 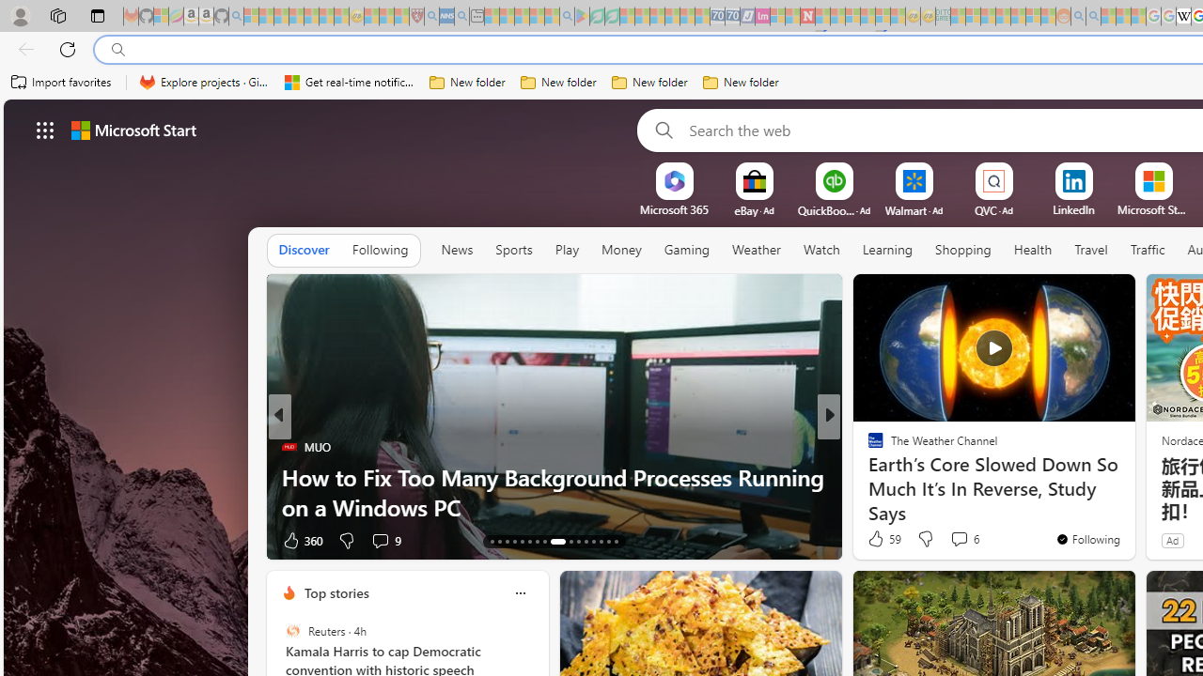 What do you see at coordinates (867, 446) in the screenshot?
I see `'XDA Developers'` at bounding box center [867, 446].